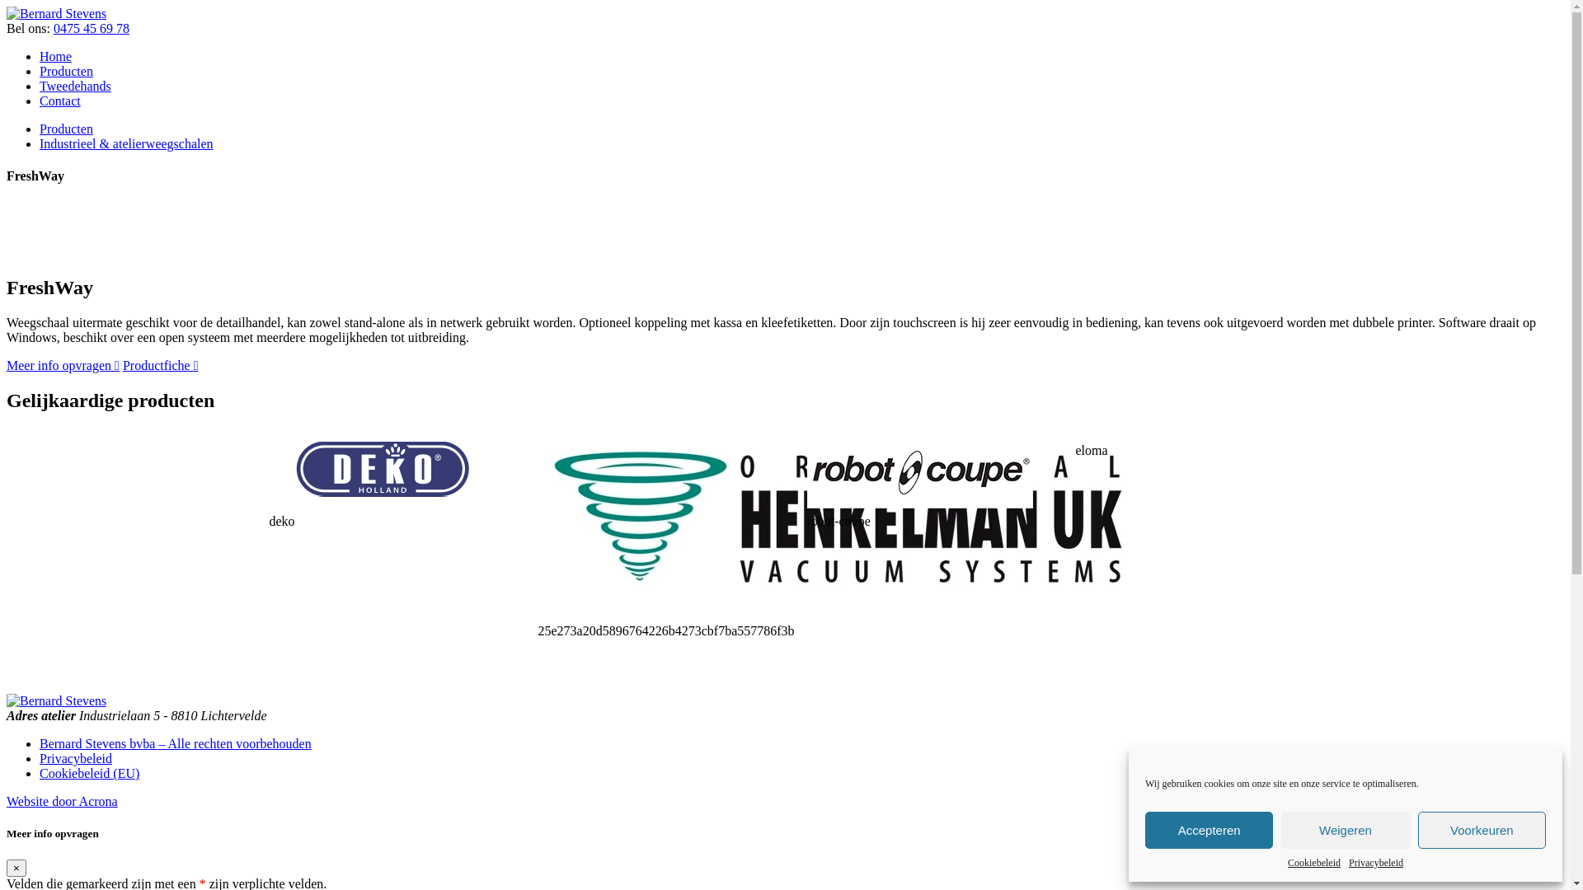  I want to click on '0475 45 69 78', so click(90, 28).